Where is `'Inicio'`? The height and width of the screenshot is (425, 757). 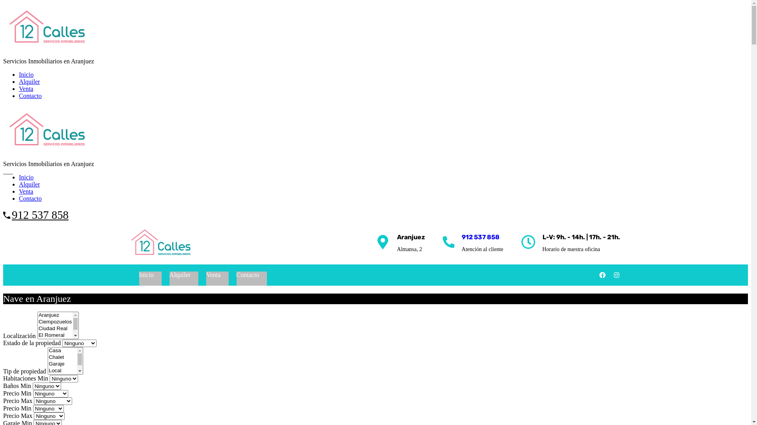 'Inicio' is located at coordinates (146, 274).